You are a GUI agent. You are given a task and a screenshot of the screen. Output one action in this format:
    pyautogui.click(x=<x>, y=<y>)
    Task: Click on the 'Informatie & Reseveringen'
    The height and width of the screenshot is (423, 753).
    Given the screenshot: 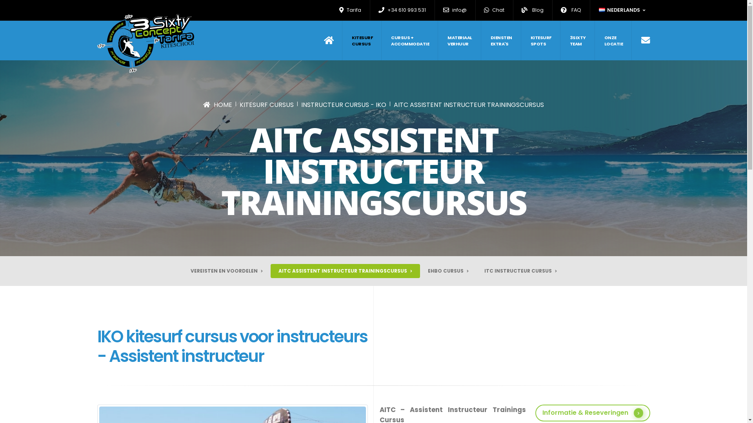 What is the action you would take?
    pyautogui.click(x=592, y=412)
    